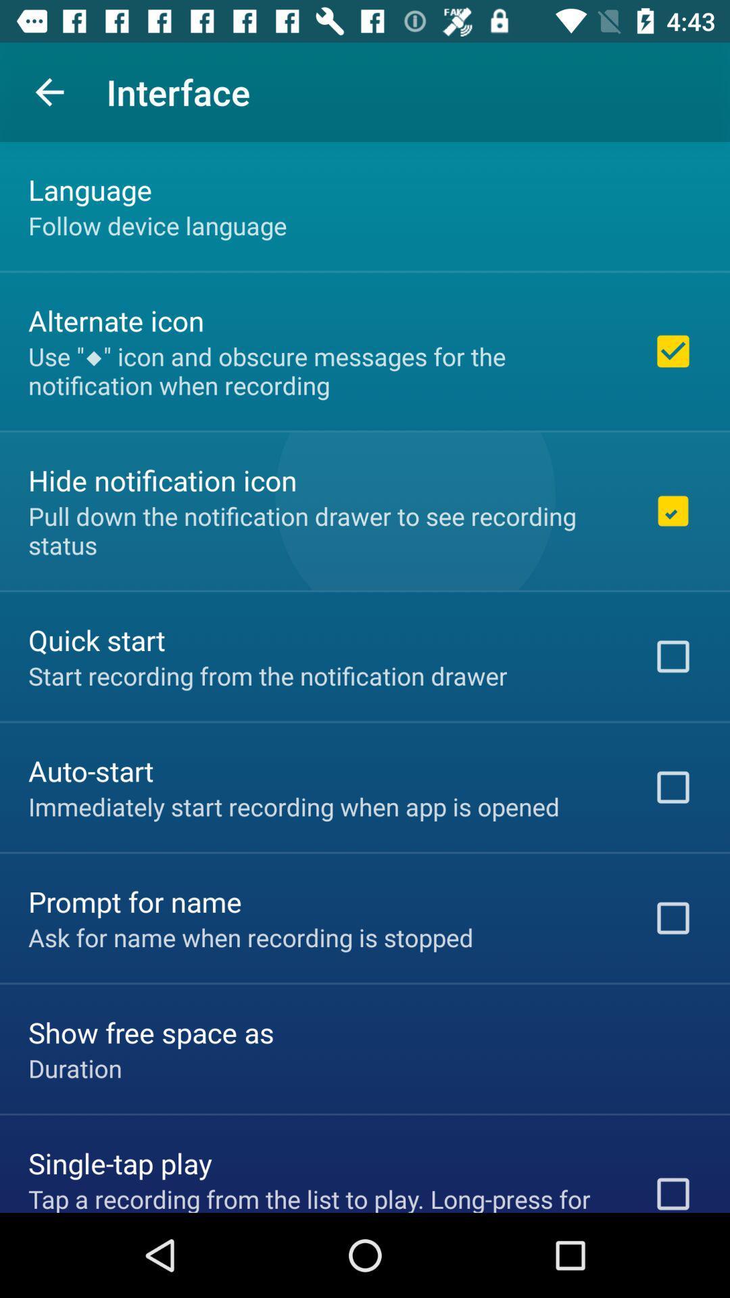 Image resolution: width=730 pixels, height=1298 pixels. What do you see at coordinates (91, 771) in the screenshot?
I see `item below the start recording from` at bounding box center [91, 771].